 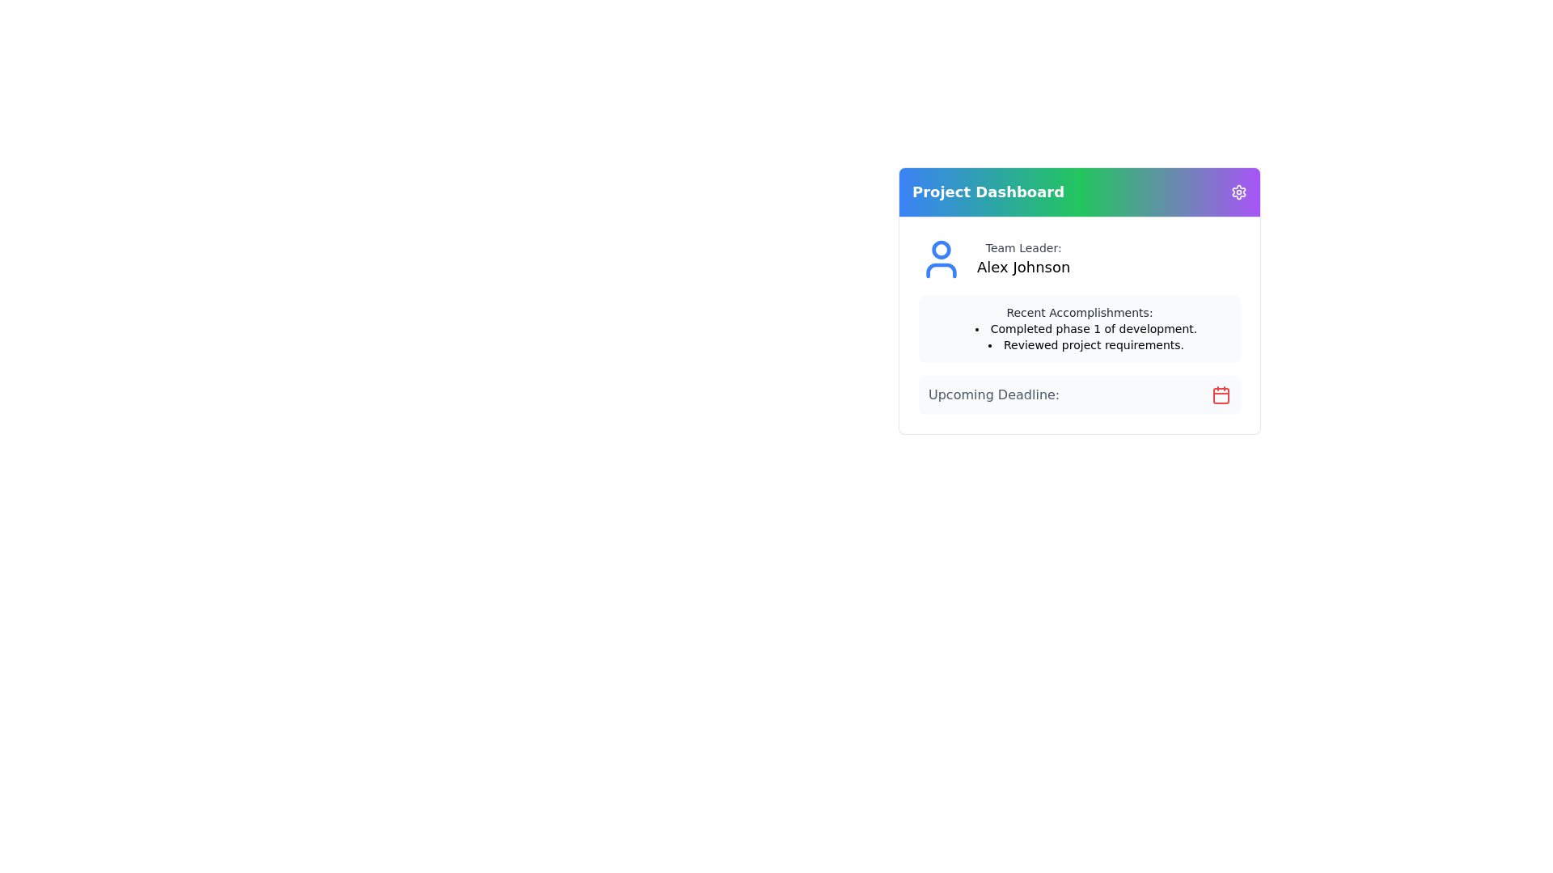 What do you see at coordinates (1238, 192) in the screenshot?
I see `the gear icon located at the top-right corner of the 'Project Dashboard' card` at bounding box center [1238, 192].